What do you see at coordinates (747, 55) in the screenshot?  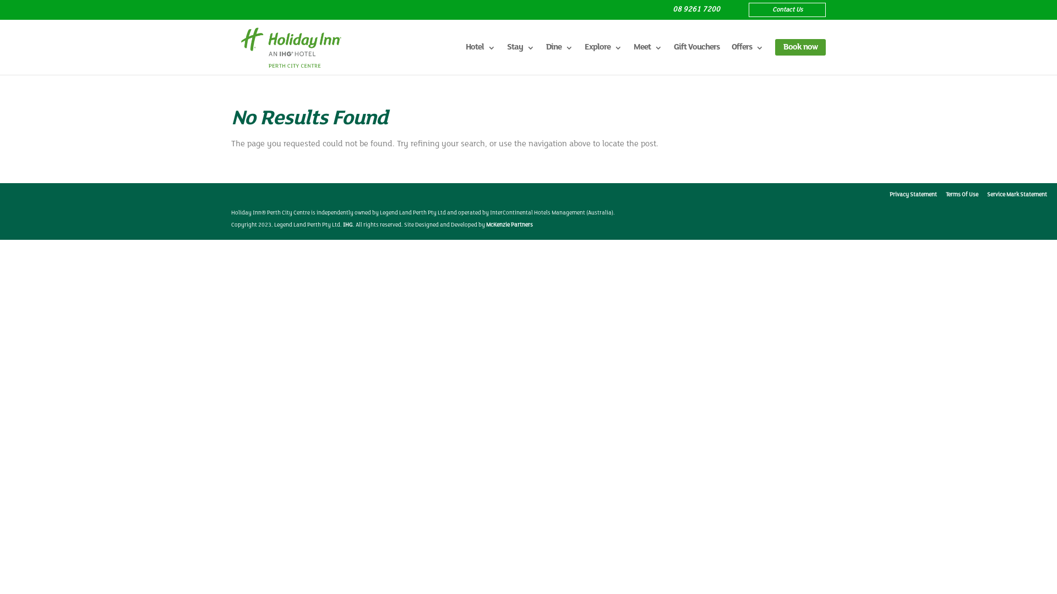 I see `'Offers'` at bounding box center [747, 55].